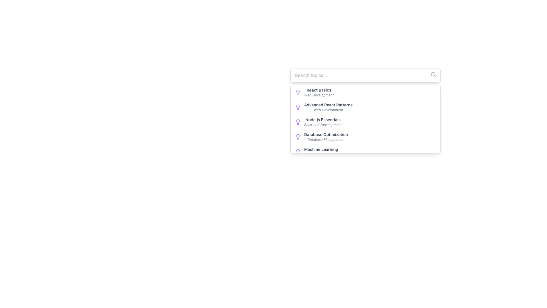  Describe the element at coordinates (365, 151) in the screenshot. I see `to select the last item in the dropdown list, which features a purple light bulb icon and the text 'Machine Learning' in bold with 'Data Science' in italic below it` at that location.